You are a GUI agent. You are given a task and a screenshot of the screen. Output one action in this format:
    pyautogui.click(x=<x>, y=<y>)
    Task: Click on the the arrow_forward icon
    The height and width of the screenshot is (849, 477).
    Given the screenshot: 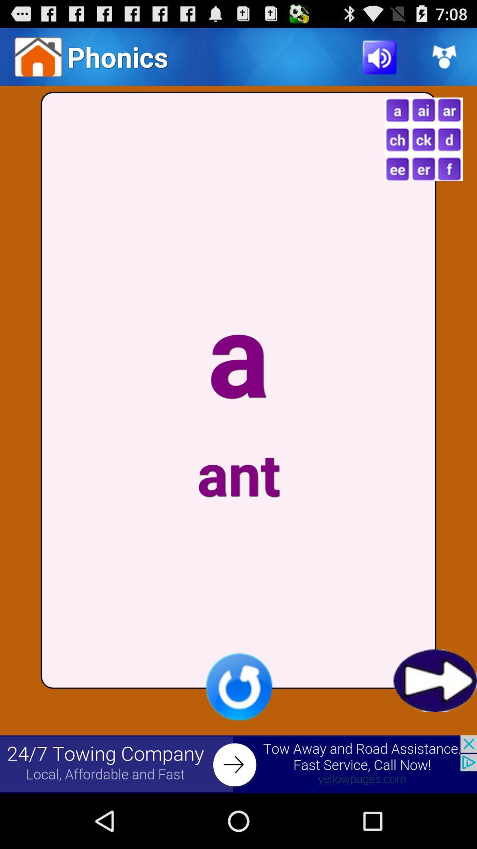 What is the action you would take?
    pyautogui.click(x=435, y=728)
    